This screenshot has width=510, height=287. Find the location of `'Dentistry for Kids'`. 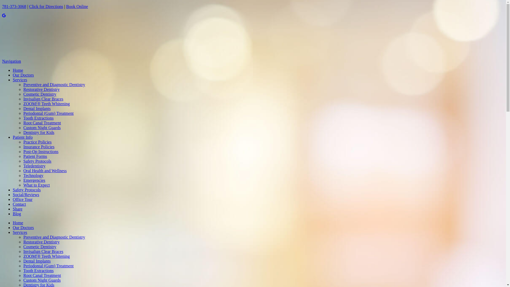

'Dentistry for Kids' is located at coordinates (23, 132).